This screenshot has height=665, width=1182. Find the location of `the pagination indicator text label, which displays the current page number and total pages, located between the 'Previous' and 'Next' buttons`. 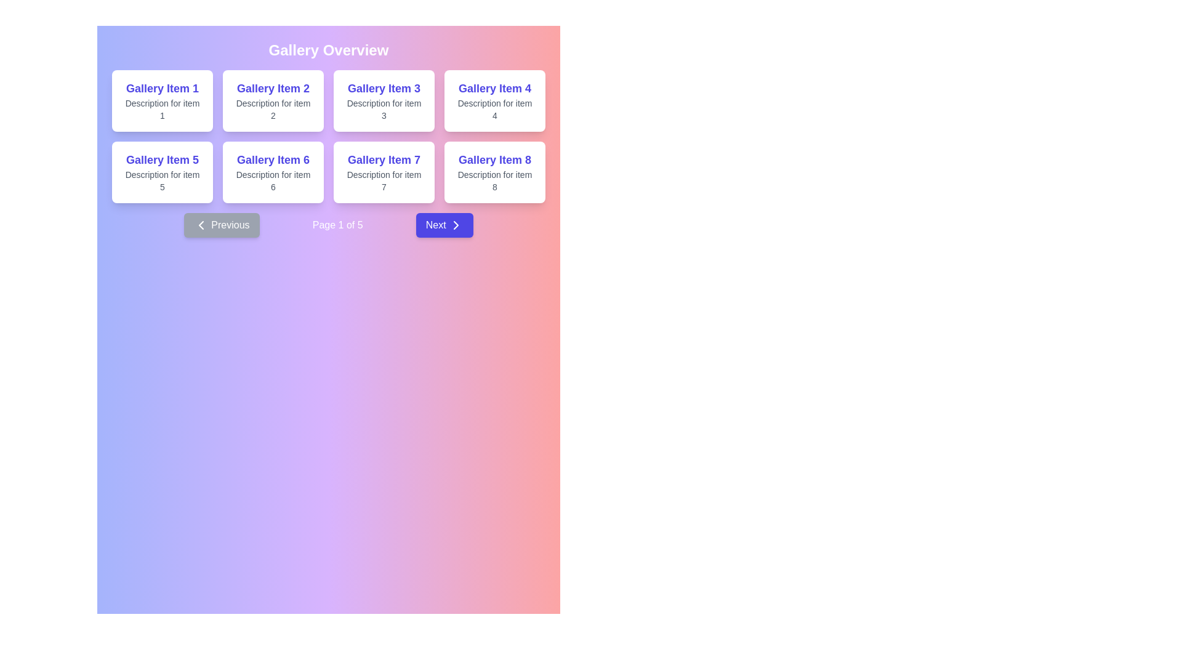

the pagination indicator text label, which displays the current page number and total pages, located between the 'Previous' and 'Next' buttons is located at coordinates (337, 225).